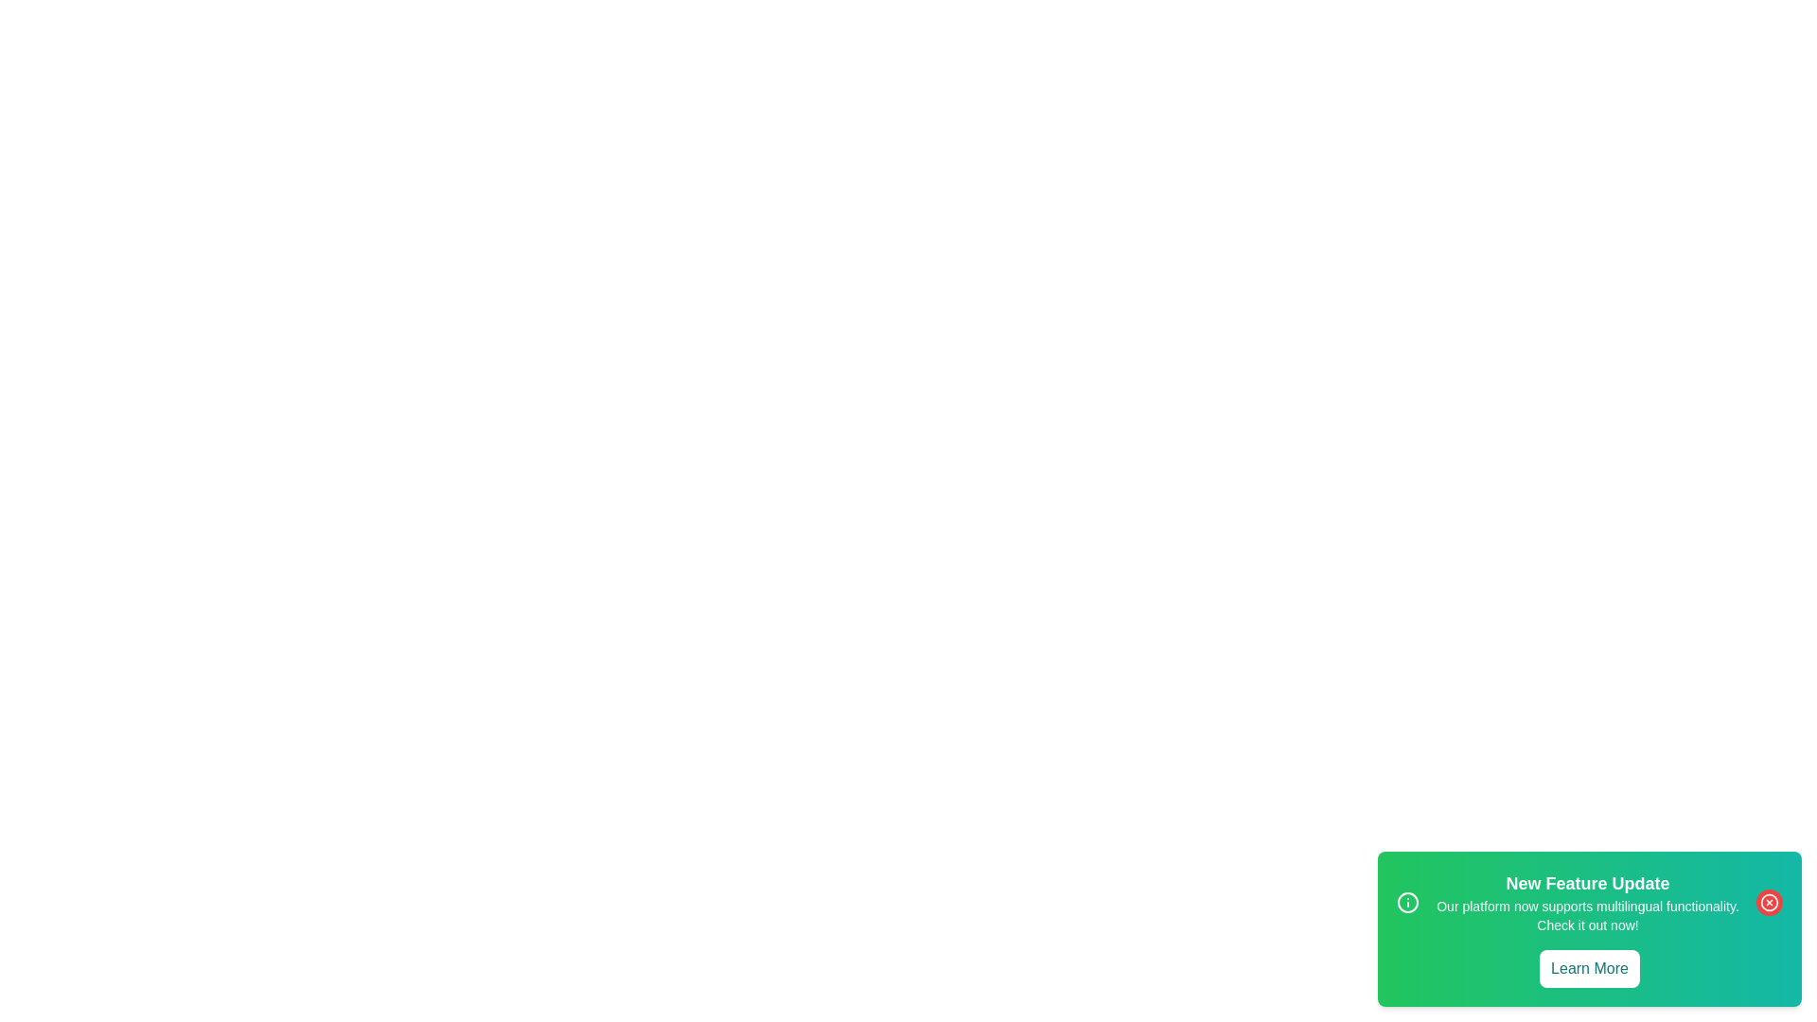 The height and width of the screenshot is (1022, 1817). I want to click on the 'Info' icon in the snackbar to display more information, so click(1408, 901).